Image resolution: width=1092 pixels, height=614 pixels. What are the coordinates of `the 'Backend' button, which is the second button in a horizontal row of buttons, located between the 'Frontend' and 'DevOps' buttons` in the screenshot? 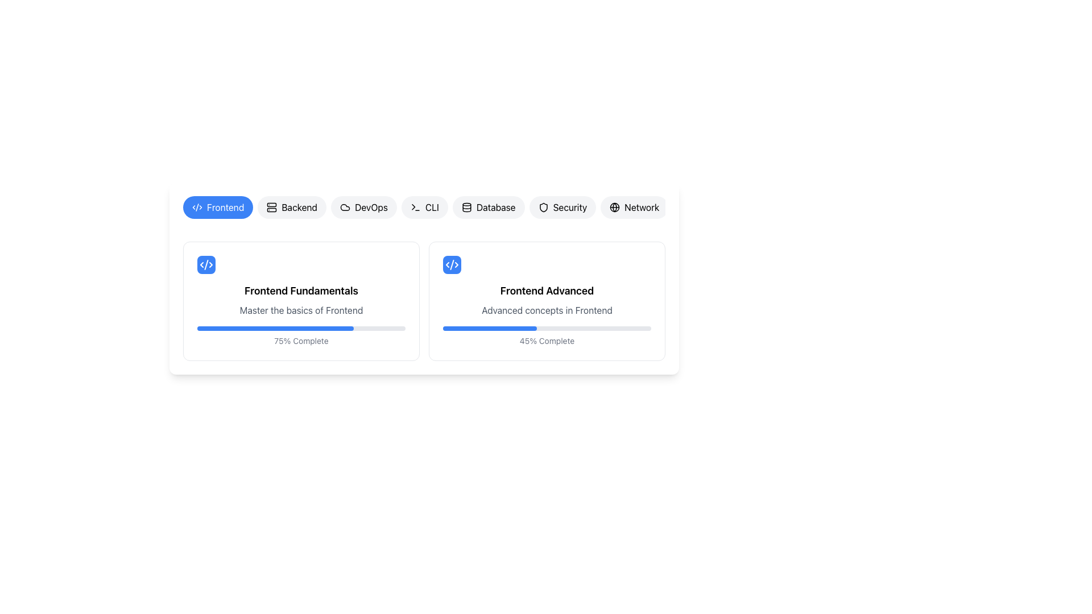 It's located at (292, 208).